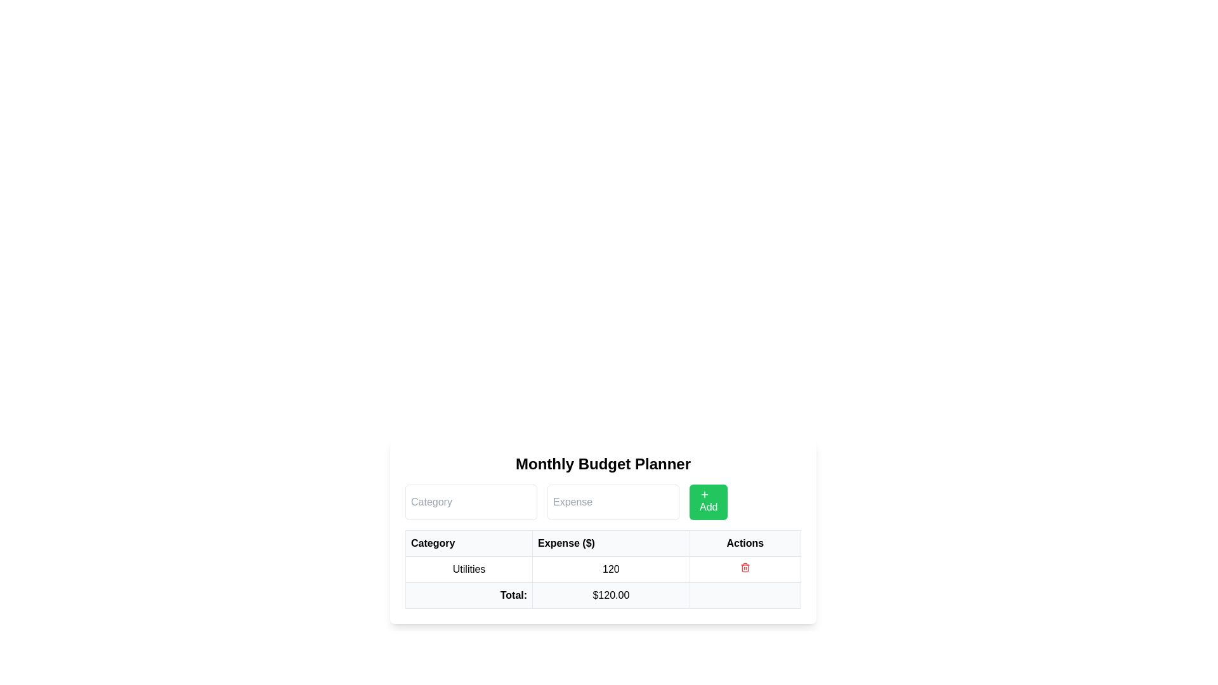  What do you see at coordinates (708, 501) in the screenshot?
I see `the 'Add' button with a plus sign icon, which is a green rectangular button with rounded corners, located in the top-right section of a form header above a grid table` at bounding box center [708, 501].